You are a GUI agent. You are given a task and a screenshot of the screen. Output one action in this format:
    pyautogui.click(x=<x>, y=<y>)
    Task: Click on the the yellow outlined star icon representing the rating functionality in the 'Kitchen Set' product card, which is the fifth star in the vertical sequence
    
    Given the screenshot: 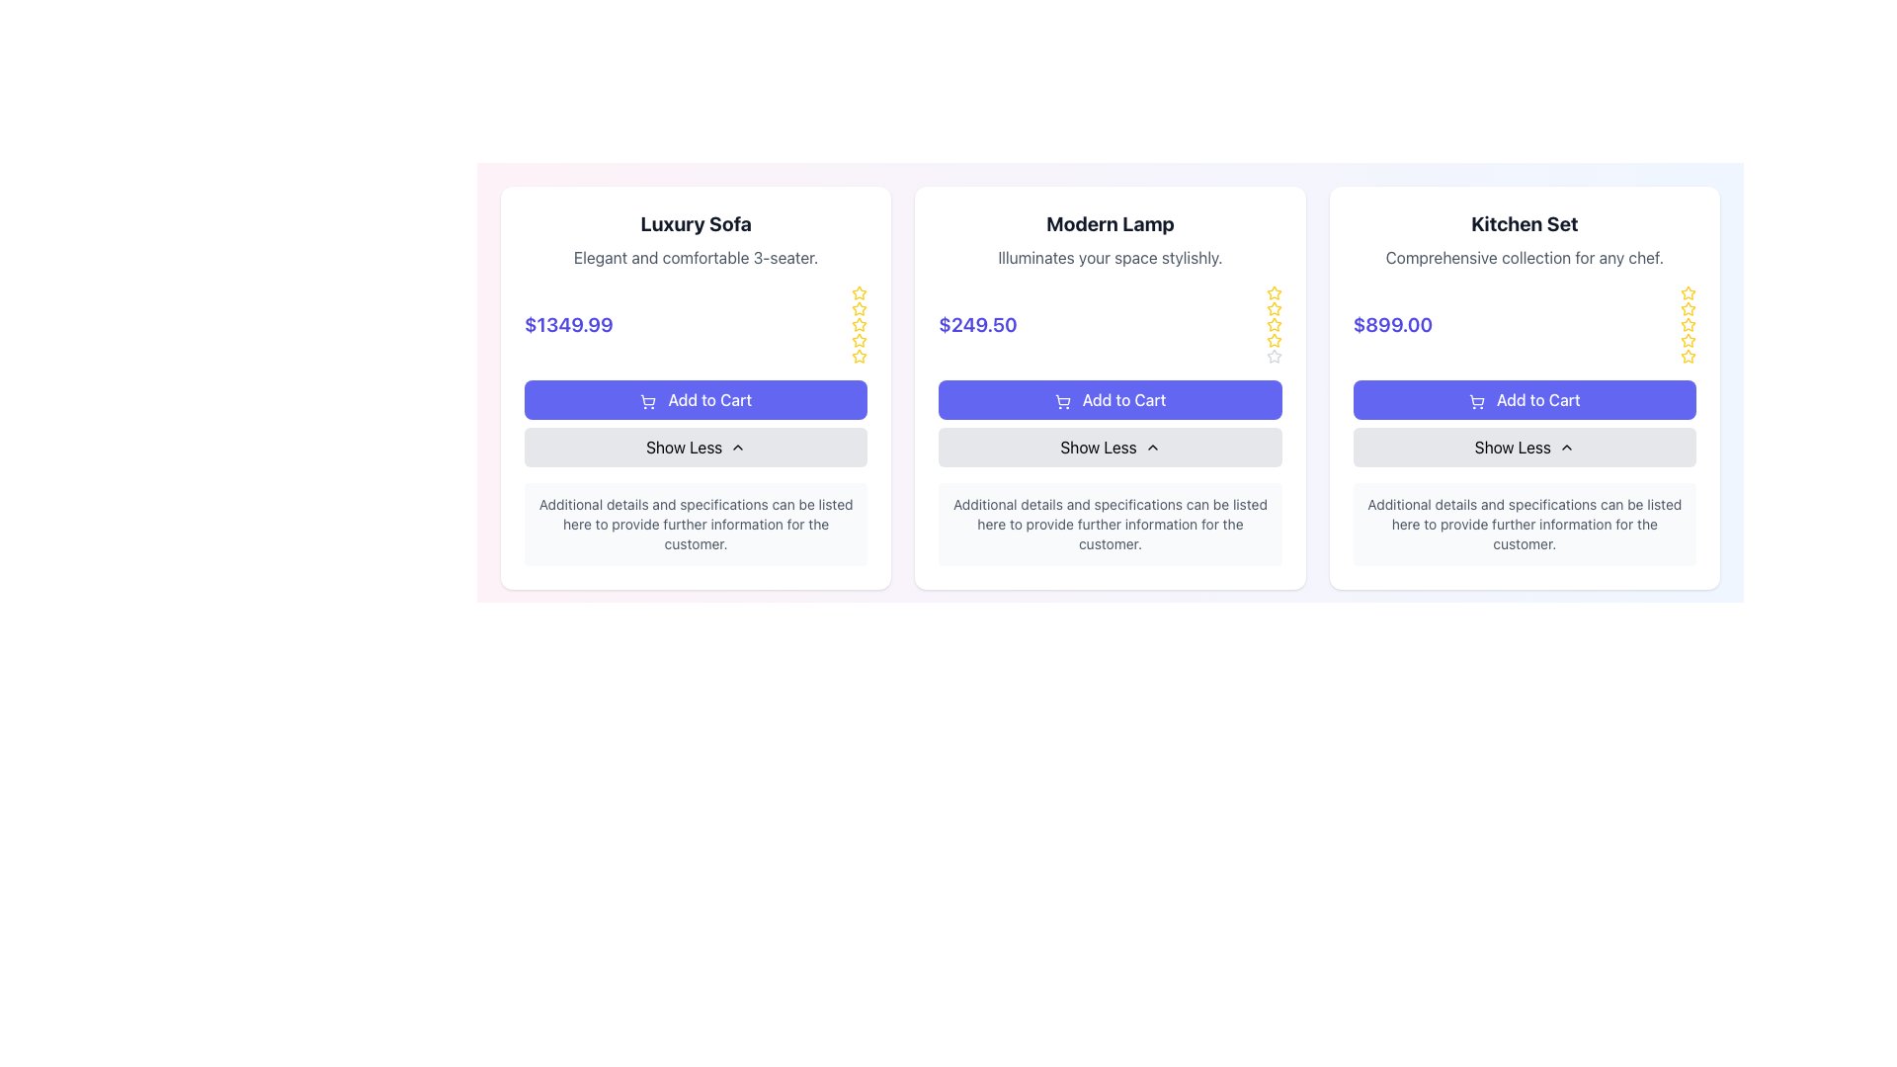 What is the action you would take?
    pyautogui.click(x=1687, y=339)
    